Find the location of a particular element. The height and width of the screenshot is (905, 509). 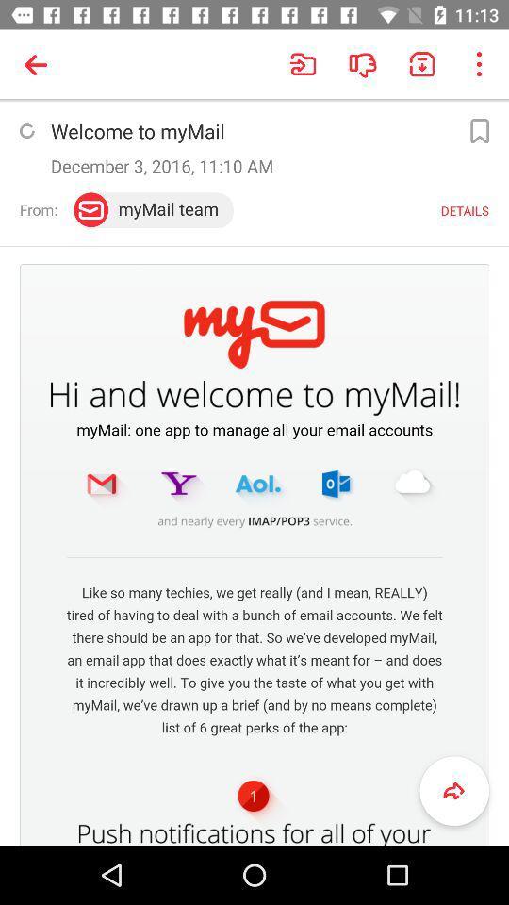

refresh page is located at coordinates (25, 130).